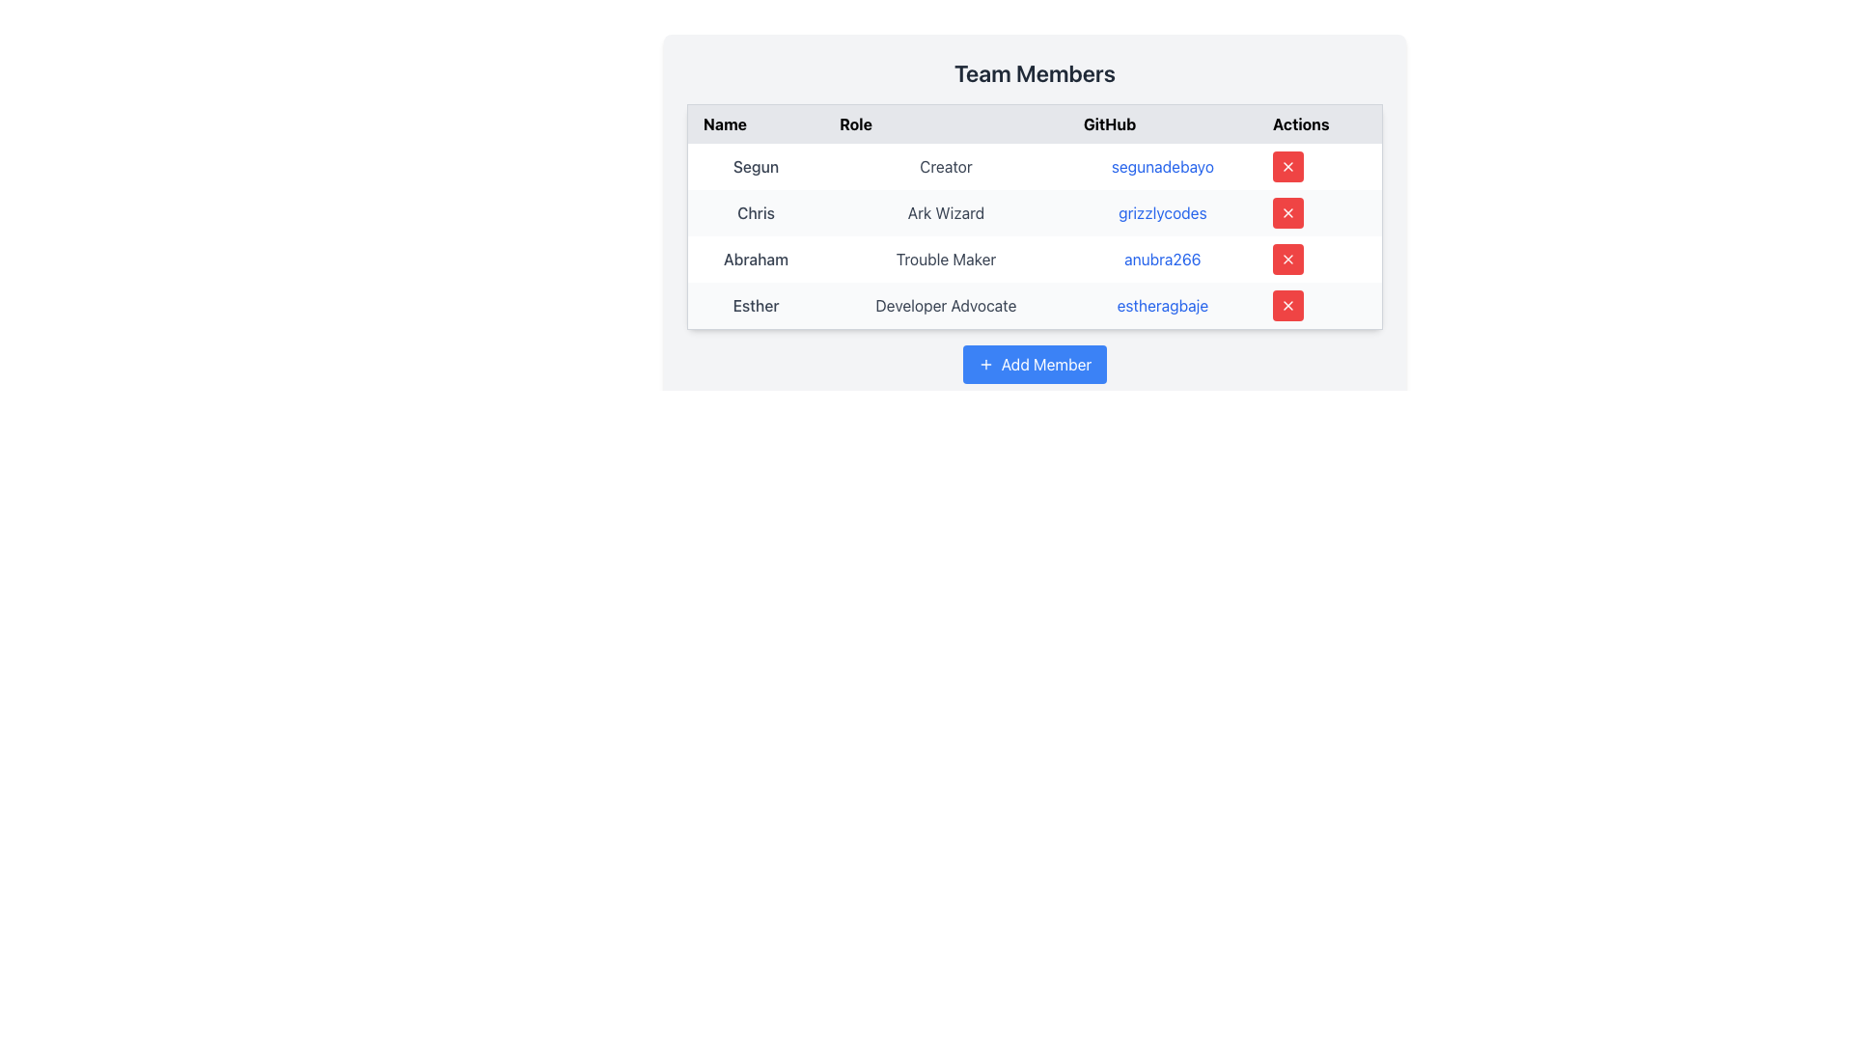 This screenshot has width=1853, height=1042. What do you see at coordinates (946, 166) in the screenshot?
I see `the 'Creator' text label, which is a gray sans-serif font located in the second column of the first row under the 'Role' header in a members table` at bounding box center [946, 166].